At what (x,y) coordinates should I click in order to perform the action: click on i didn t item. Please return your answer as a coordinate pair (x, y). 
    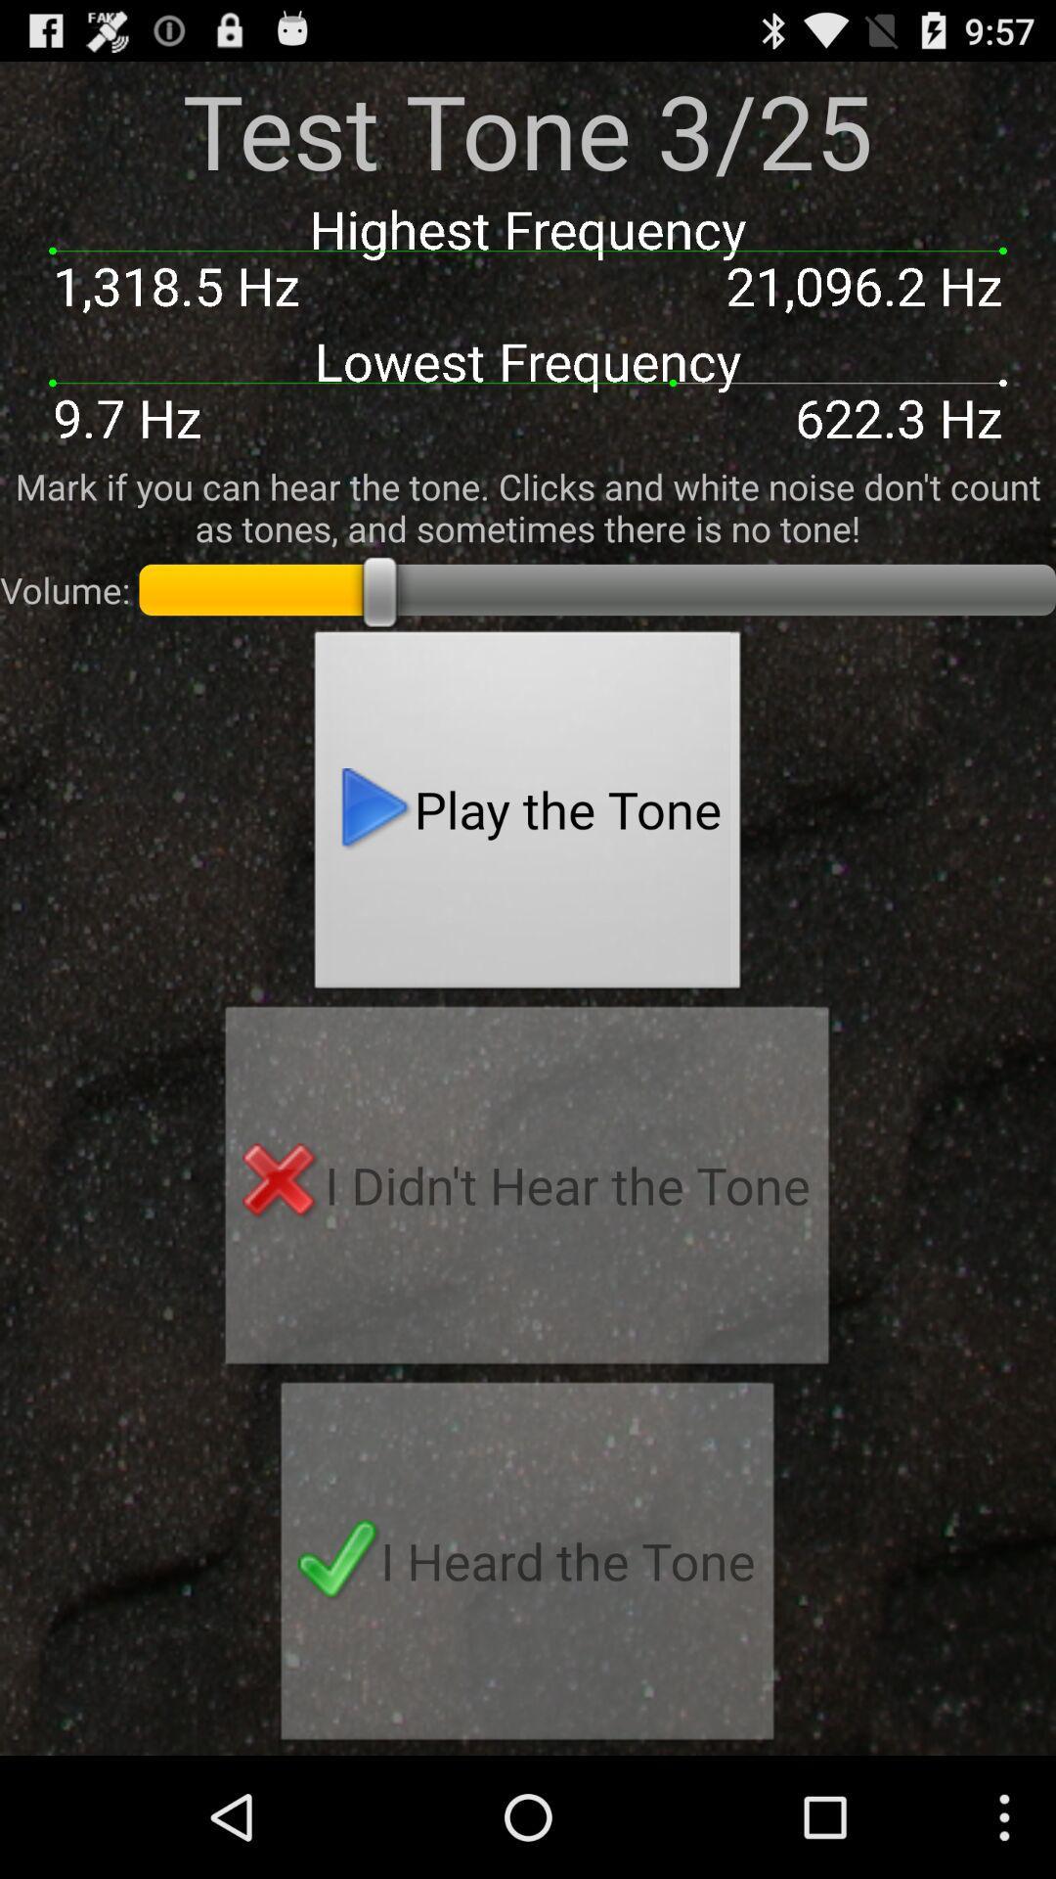
    Looking at the image, I should click on (526, 1190).